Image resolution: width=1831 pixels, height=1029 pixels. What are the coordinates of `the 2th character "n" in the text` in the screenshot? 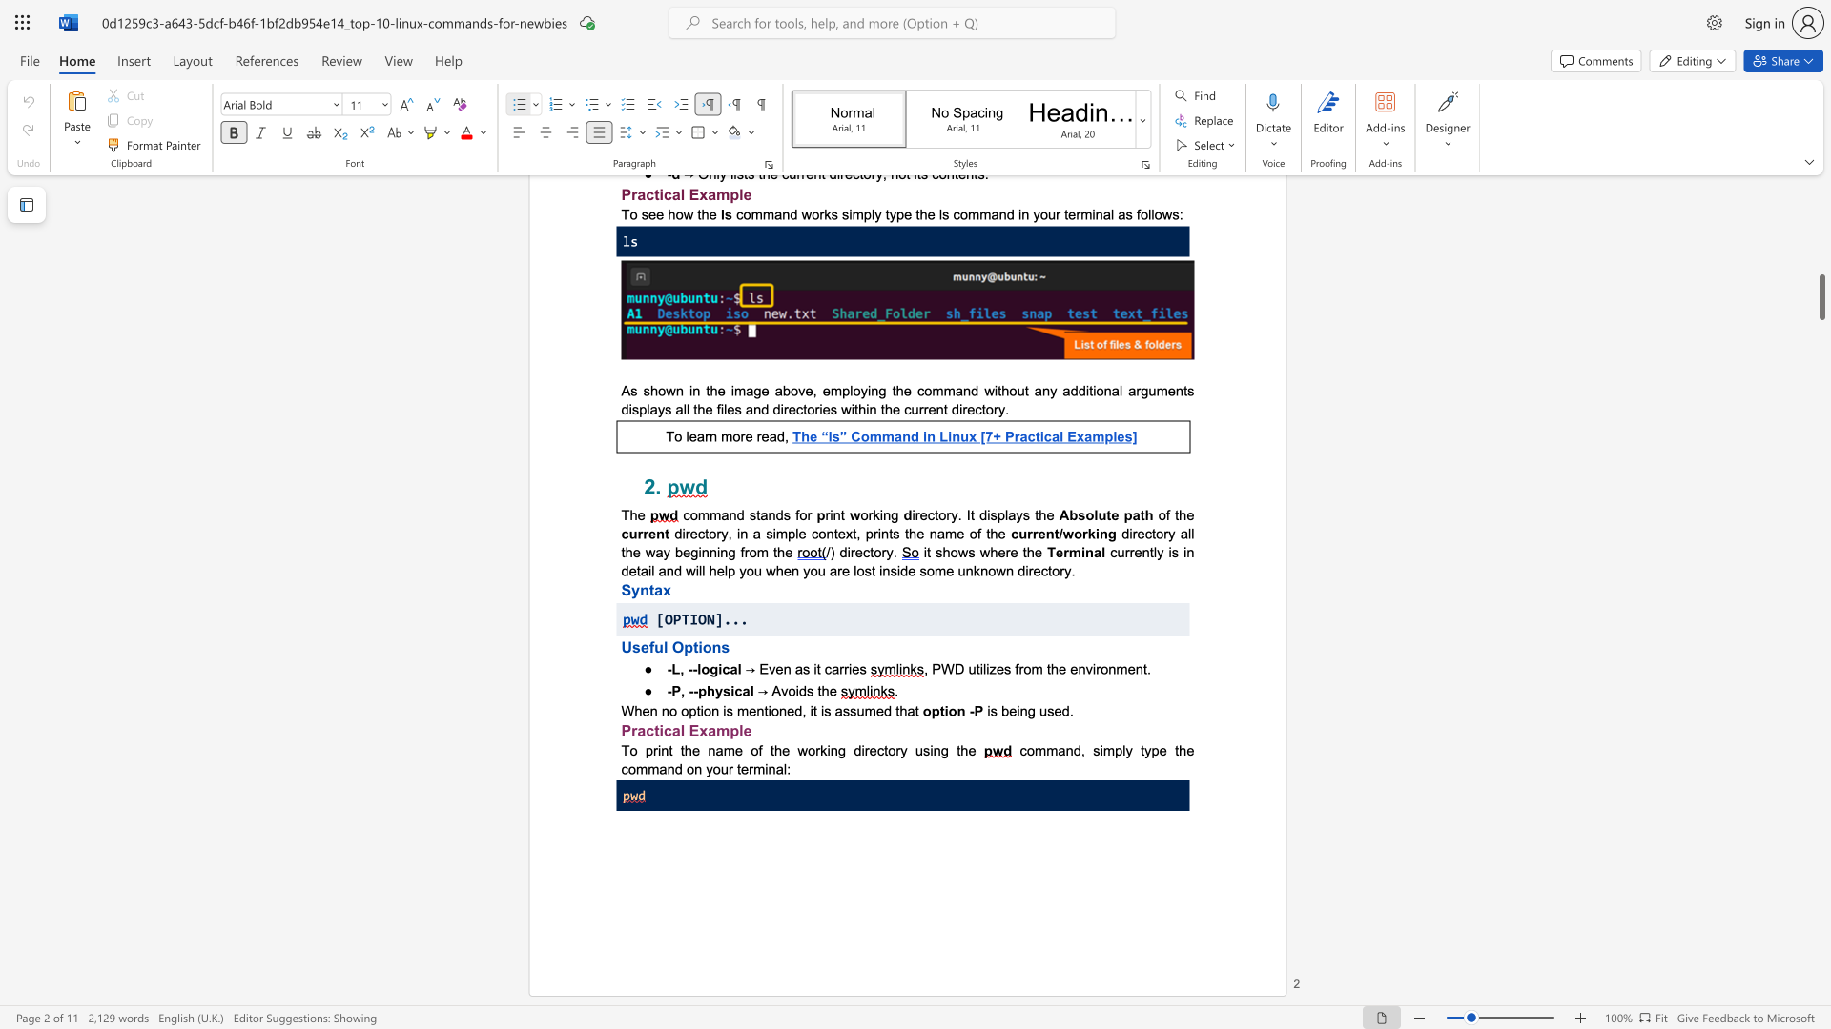 It's located at (1112, 668).